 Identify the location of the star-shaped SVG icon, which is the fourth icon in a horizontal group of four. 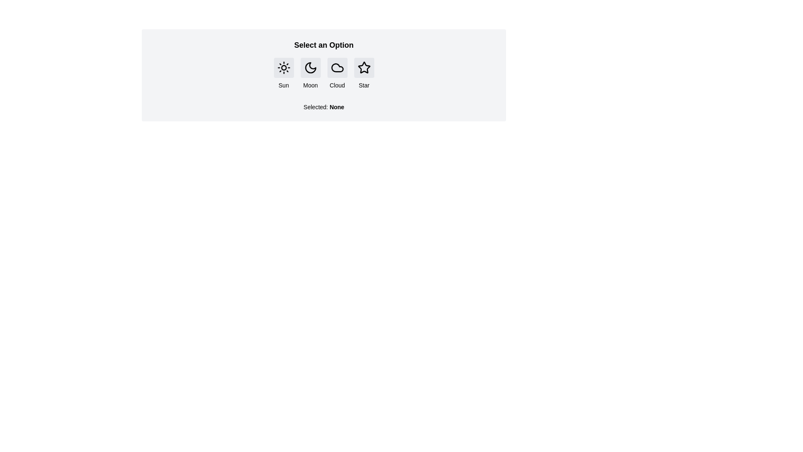
(364, 67).